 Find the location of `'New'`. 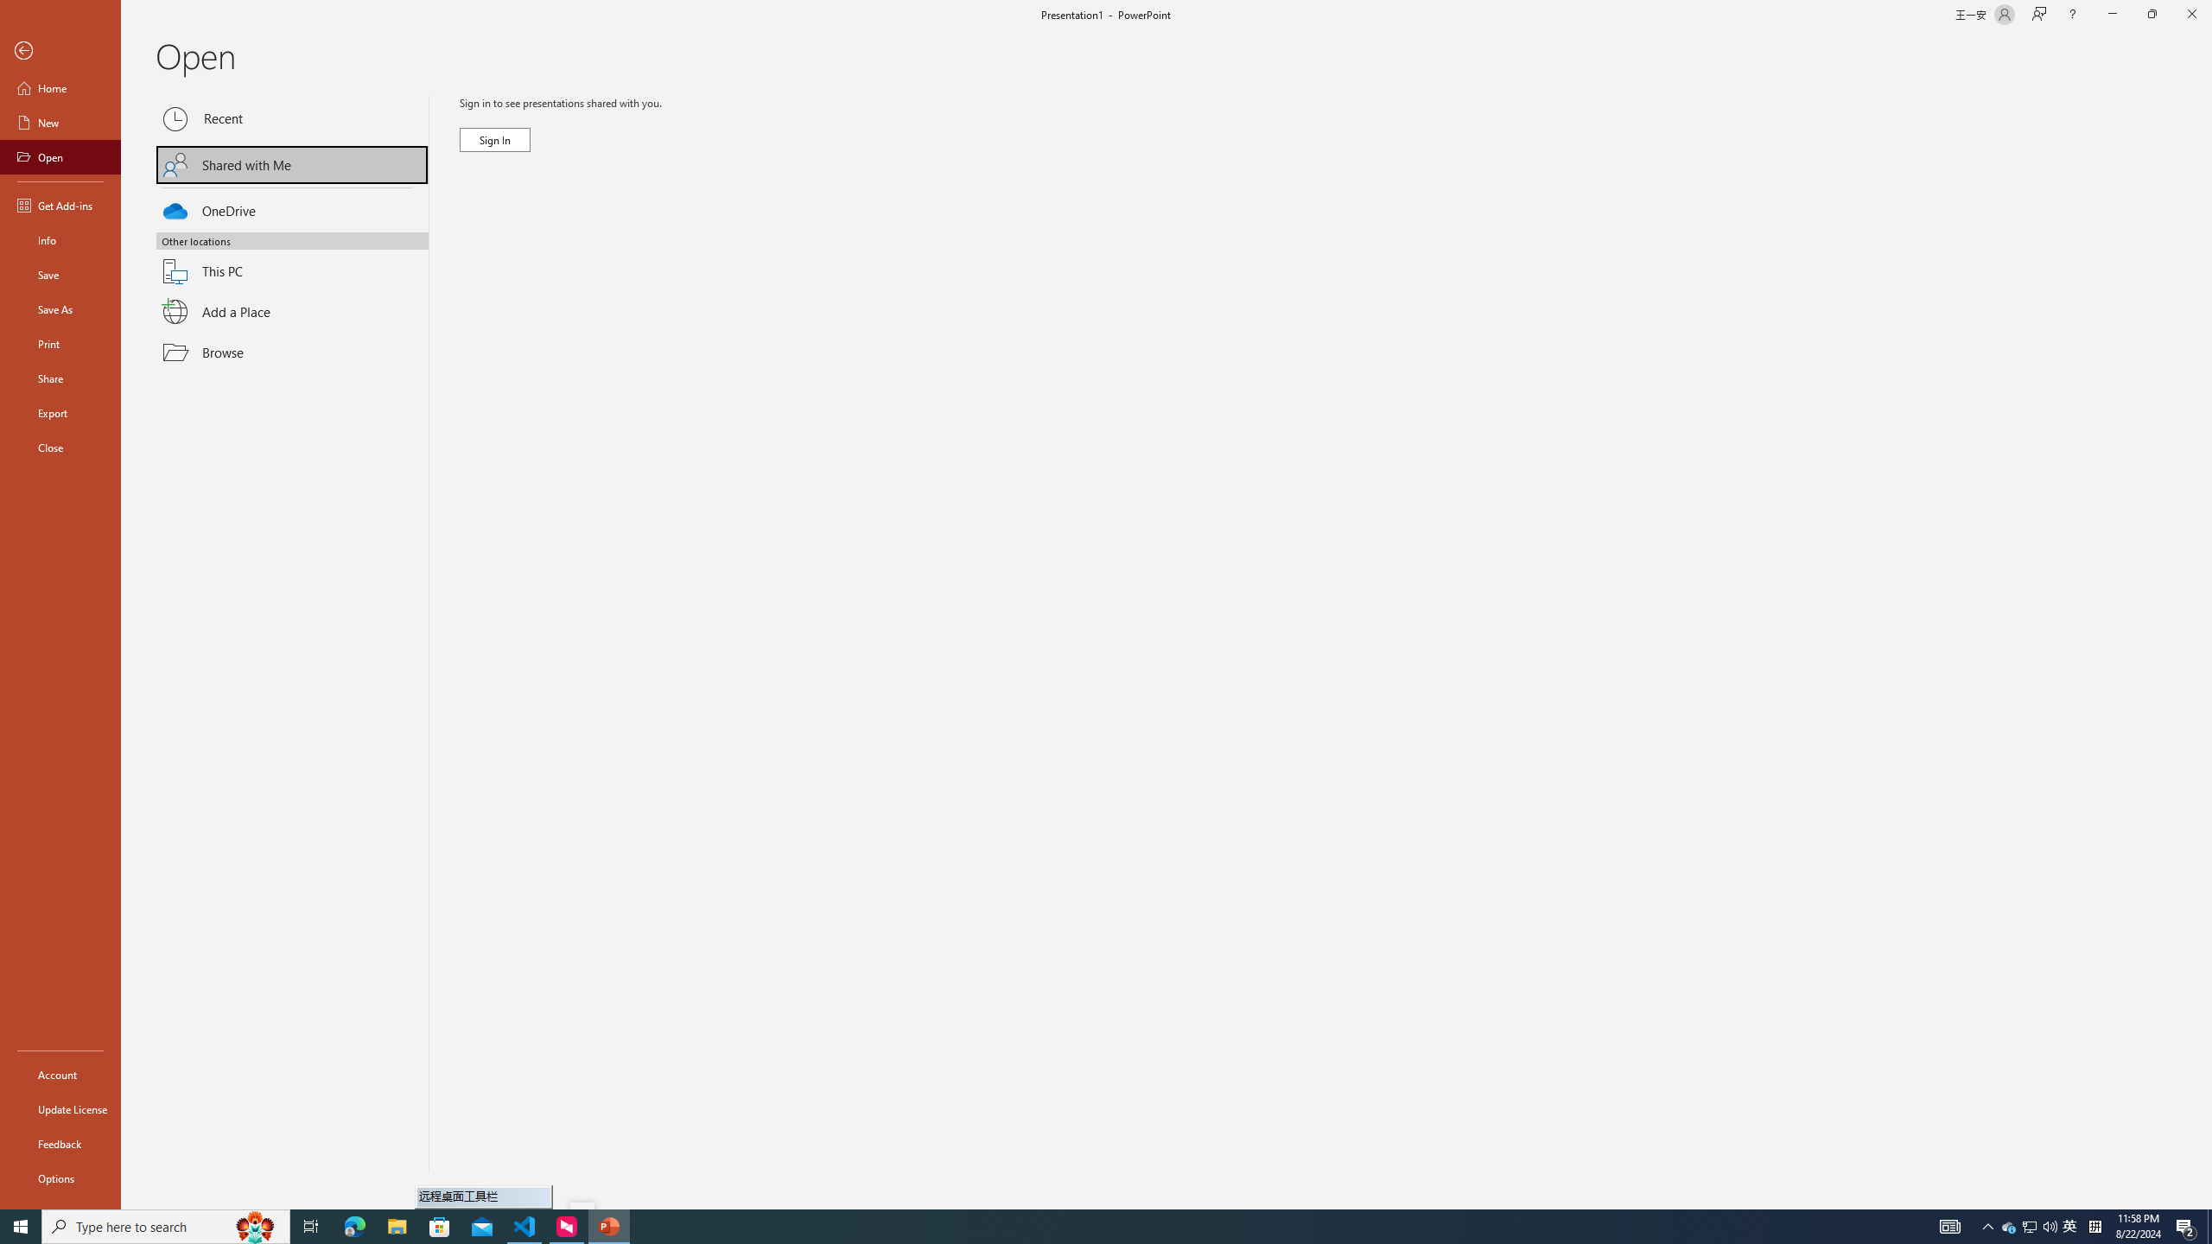

'New' is located at coordinates (60, 122).